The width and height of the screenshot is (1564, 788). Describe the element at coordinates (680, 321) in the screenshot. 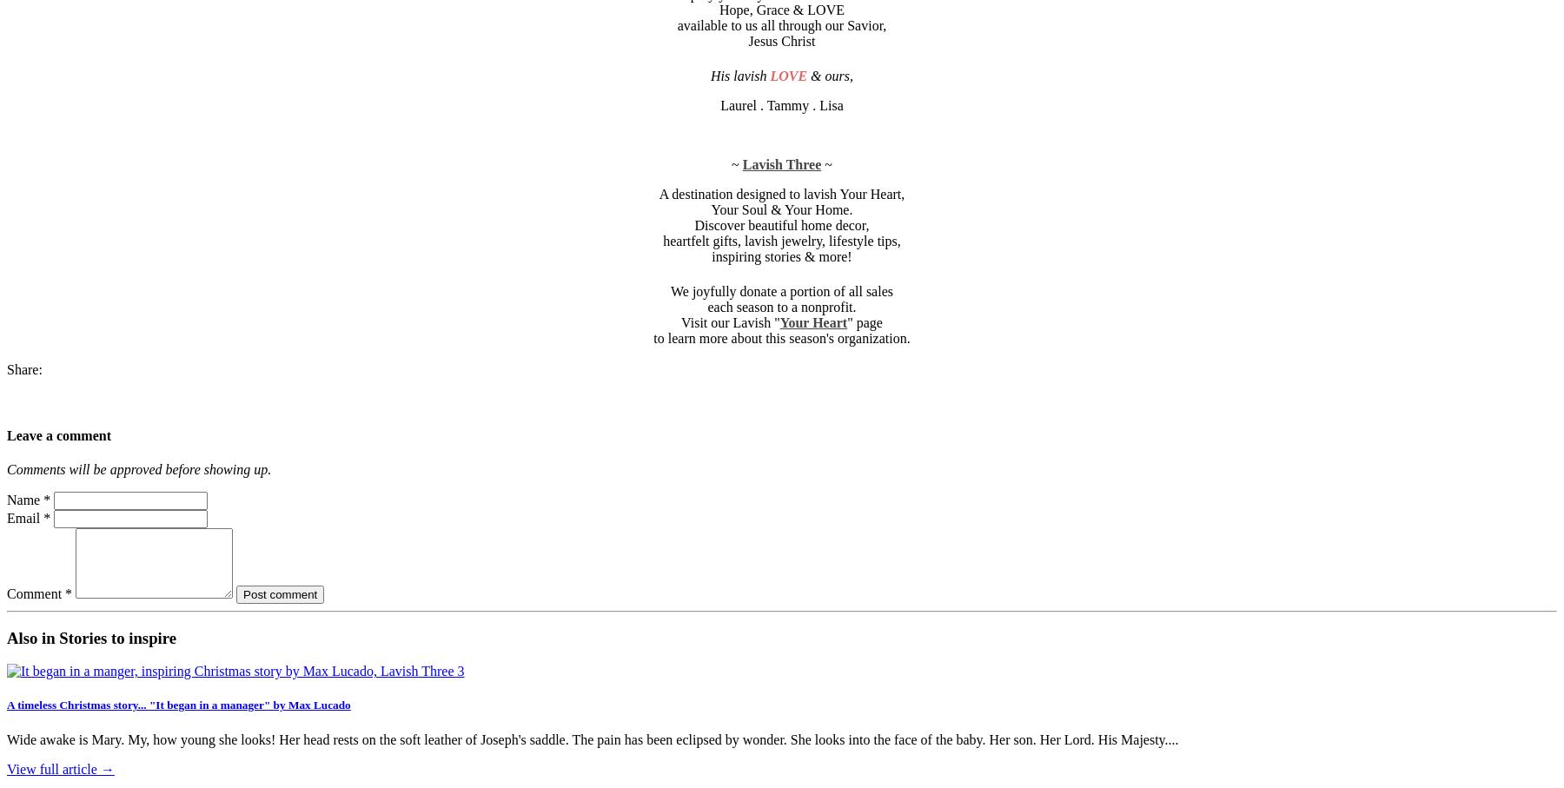

I see `'Visit our Lavish "'` at that location.